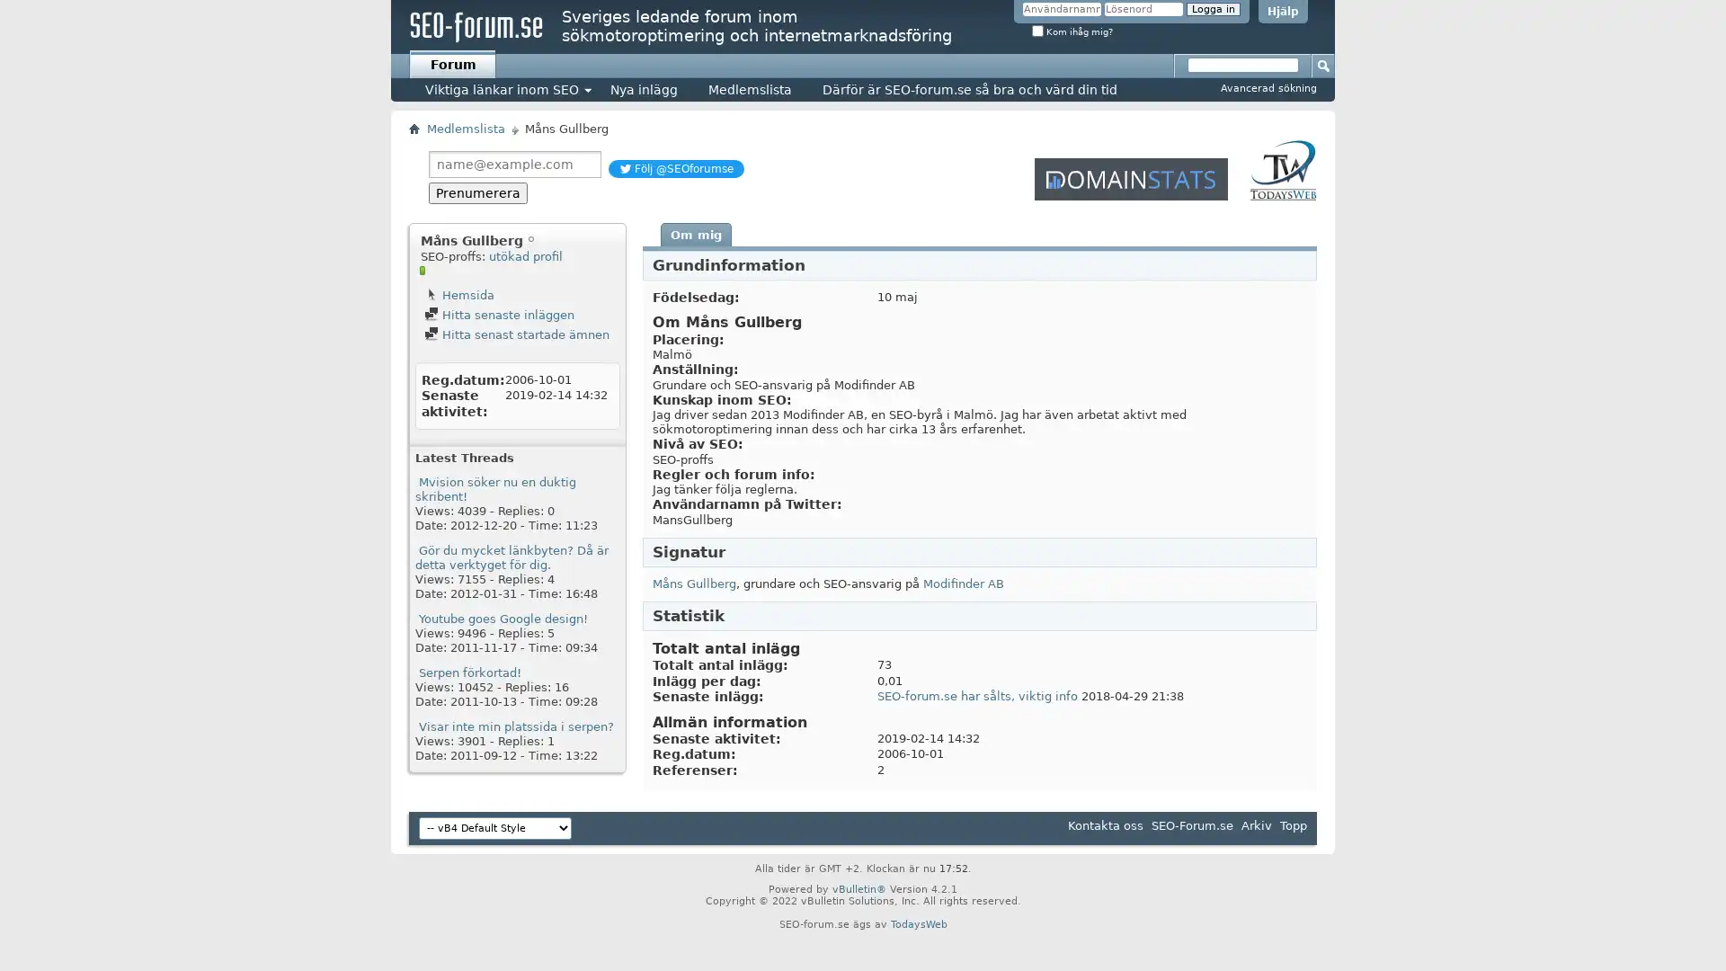 Image resolution: width=1726 pixels, height=971 pixels. I want to click on Submit, so click(1324, 64).